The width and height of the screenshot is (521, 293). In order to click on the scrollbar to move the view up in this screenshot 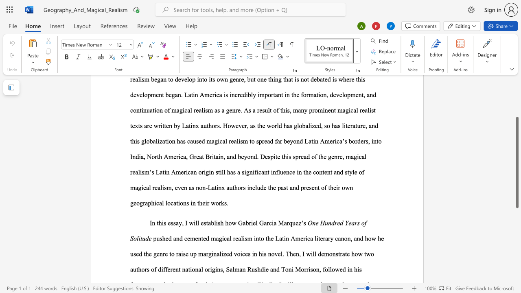, I will do `click(517, 90)`.